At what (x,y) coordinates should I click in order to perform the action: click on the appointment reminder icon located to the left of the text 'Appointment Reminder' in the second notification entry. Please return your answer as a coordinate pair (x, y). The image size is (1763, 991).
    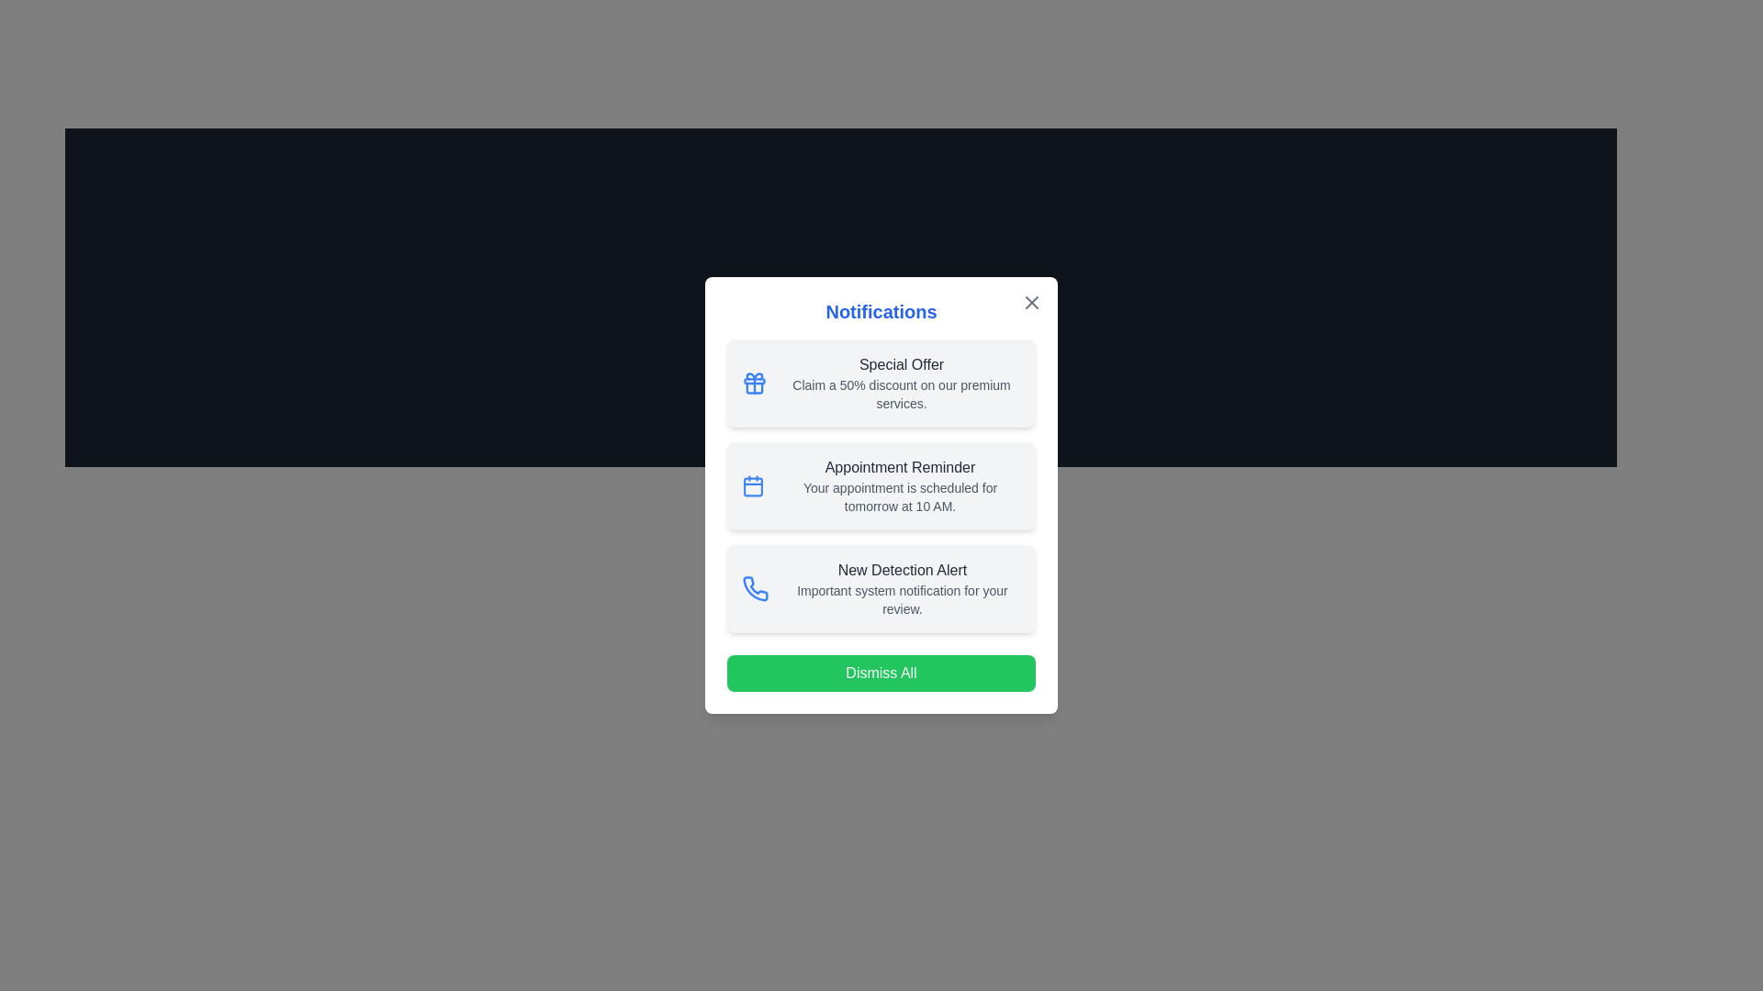
    Looking at the image, I should click on (753, 484).